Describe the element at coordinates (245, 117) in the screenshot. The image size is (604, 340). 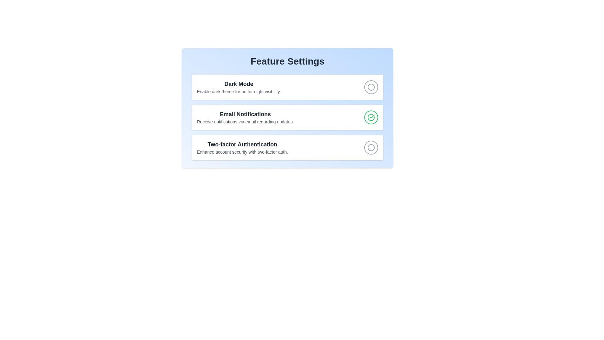
I see `the informational text group explaining email notifications, located in the 'Feature Settings' section between 'Dark Mode' and 'Two-factor Authentication'` at that location.